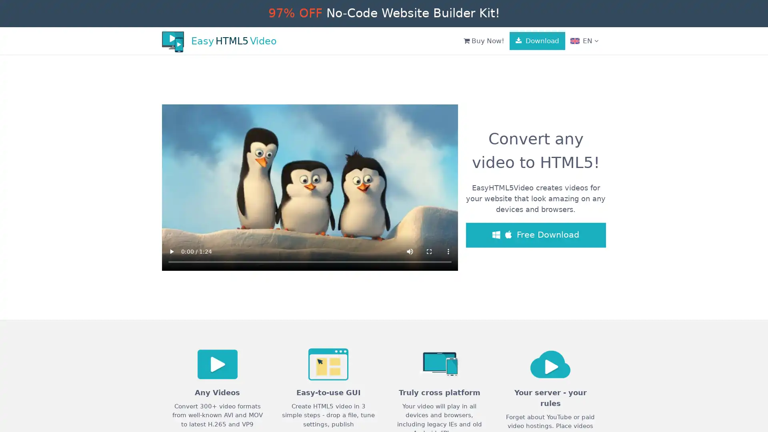 The height and width of the screenshot is (432, 768). I want to click on show more media controls, so click(448, 251).